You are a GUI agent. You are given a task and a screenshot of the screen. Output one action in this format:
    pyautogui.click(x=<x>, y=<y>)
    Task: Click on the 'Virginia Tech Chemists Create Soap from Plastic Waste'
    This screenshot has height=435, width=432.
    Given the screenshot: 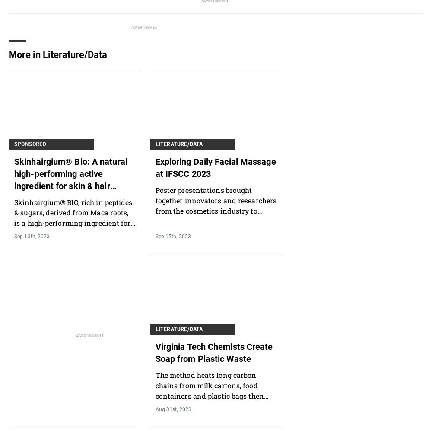 What is the action you would take?
    pyautogui.click(x=213, y=352)
    